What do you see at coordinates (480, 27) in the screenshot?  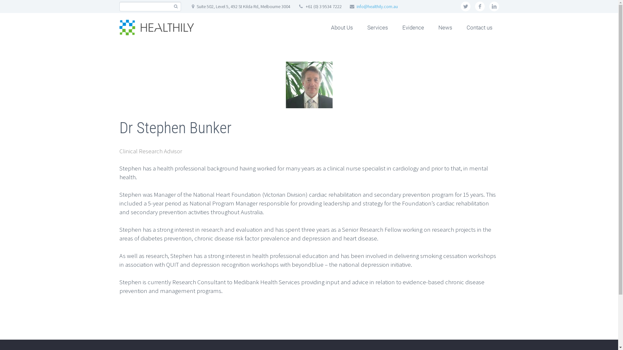 I see `'Contact us'` at bounding box center [480, 27].